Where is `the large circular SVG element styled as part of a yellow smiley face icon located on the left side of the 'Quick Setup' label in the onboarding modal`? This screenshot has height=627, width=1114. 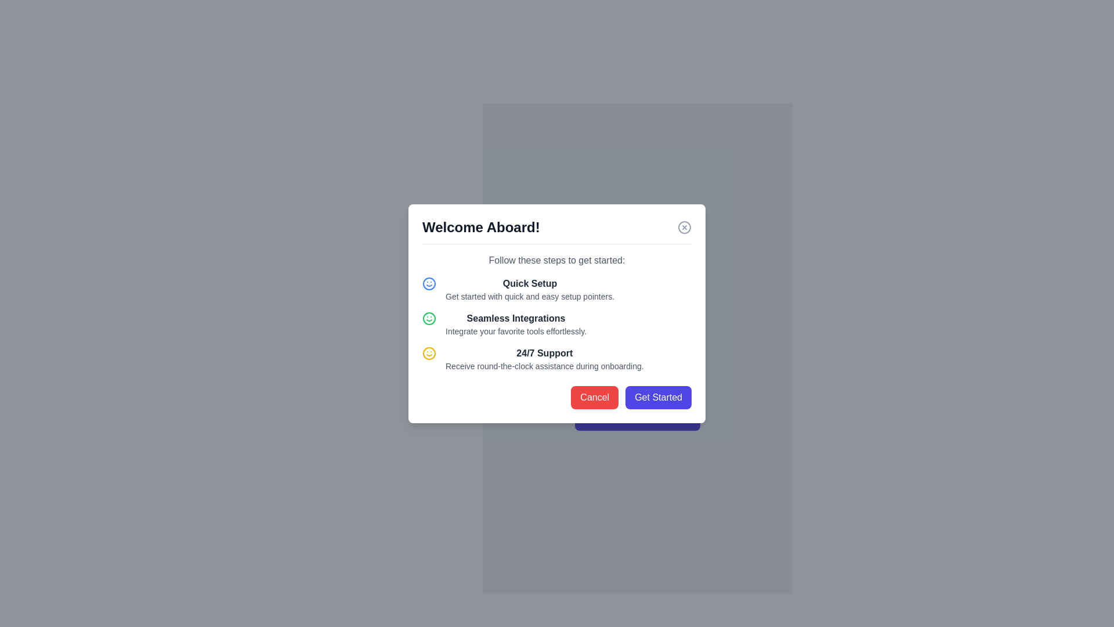 the large circular SVG element styled as part of a yellow smiley face icon located on the left side of the 'Quick Setup' label in the onboarding modal is located at coordinates (428, 352).